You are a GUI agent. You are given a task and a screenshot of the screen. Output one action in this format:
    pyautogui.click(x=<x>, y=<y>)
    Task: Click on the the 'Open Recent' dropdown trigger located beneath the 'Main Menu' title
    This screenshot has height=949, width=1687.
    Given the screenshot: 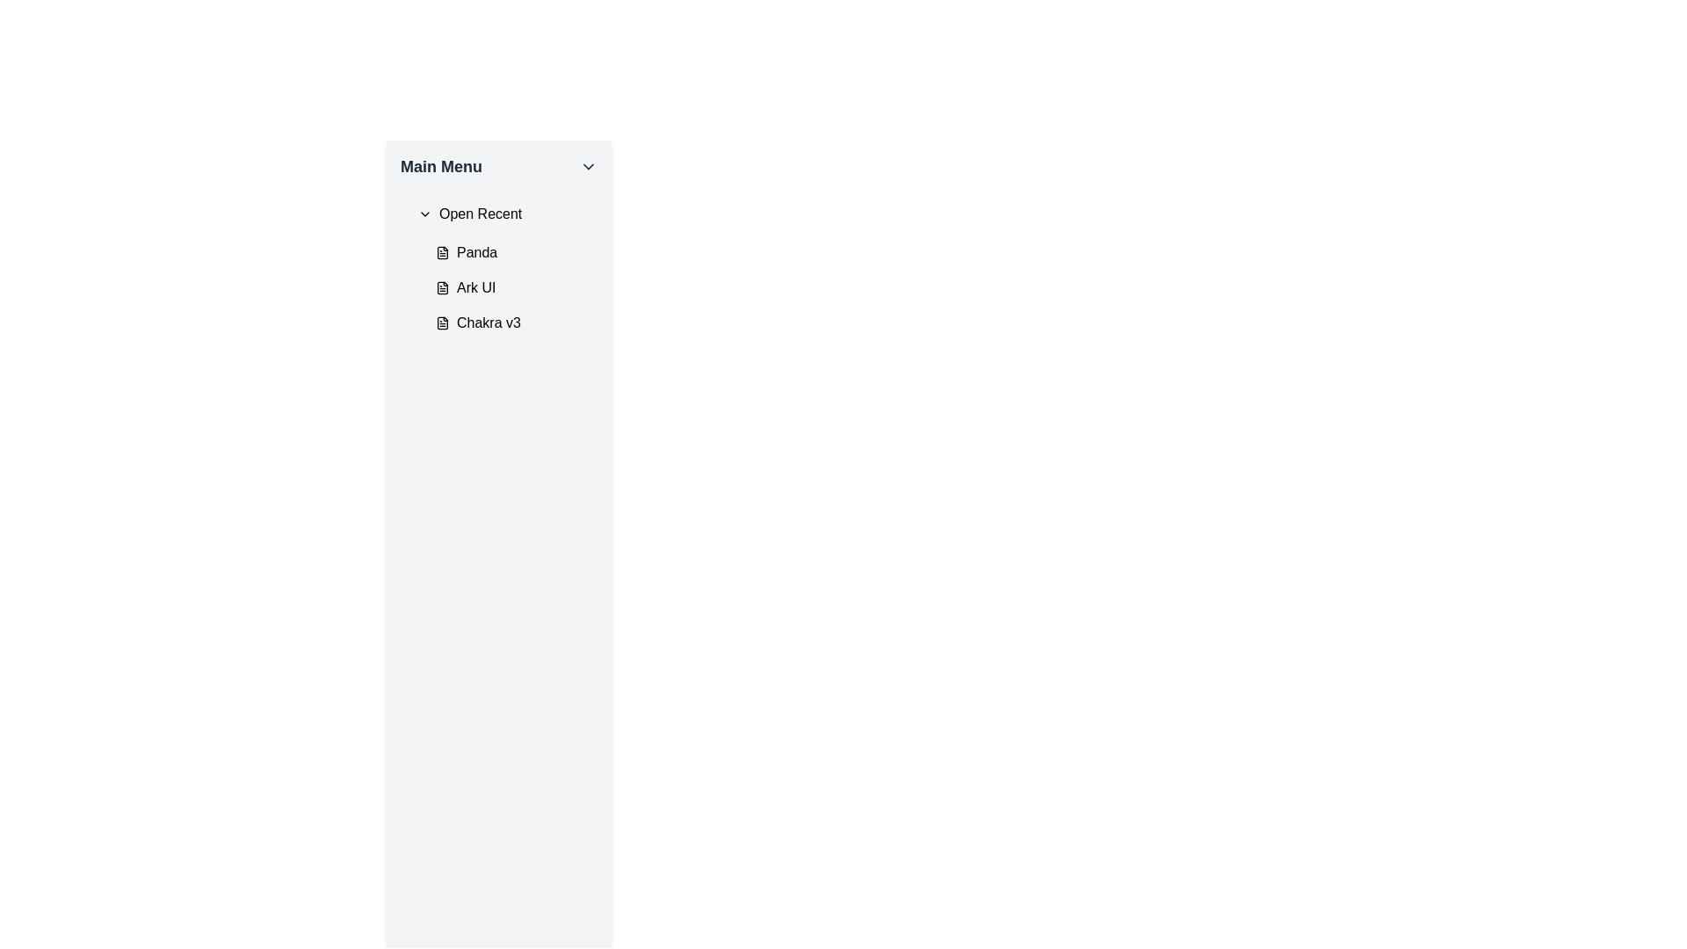 What is the action you would take?
    pyautogui.click(x=509, y=213)
    